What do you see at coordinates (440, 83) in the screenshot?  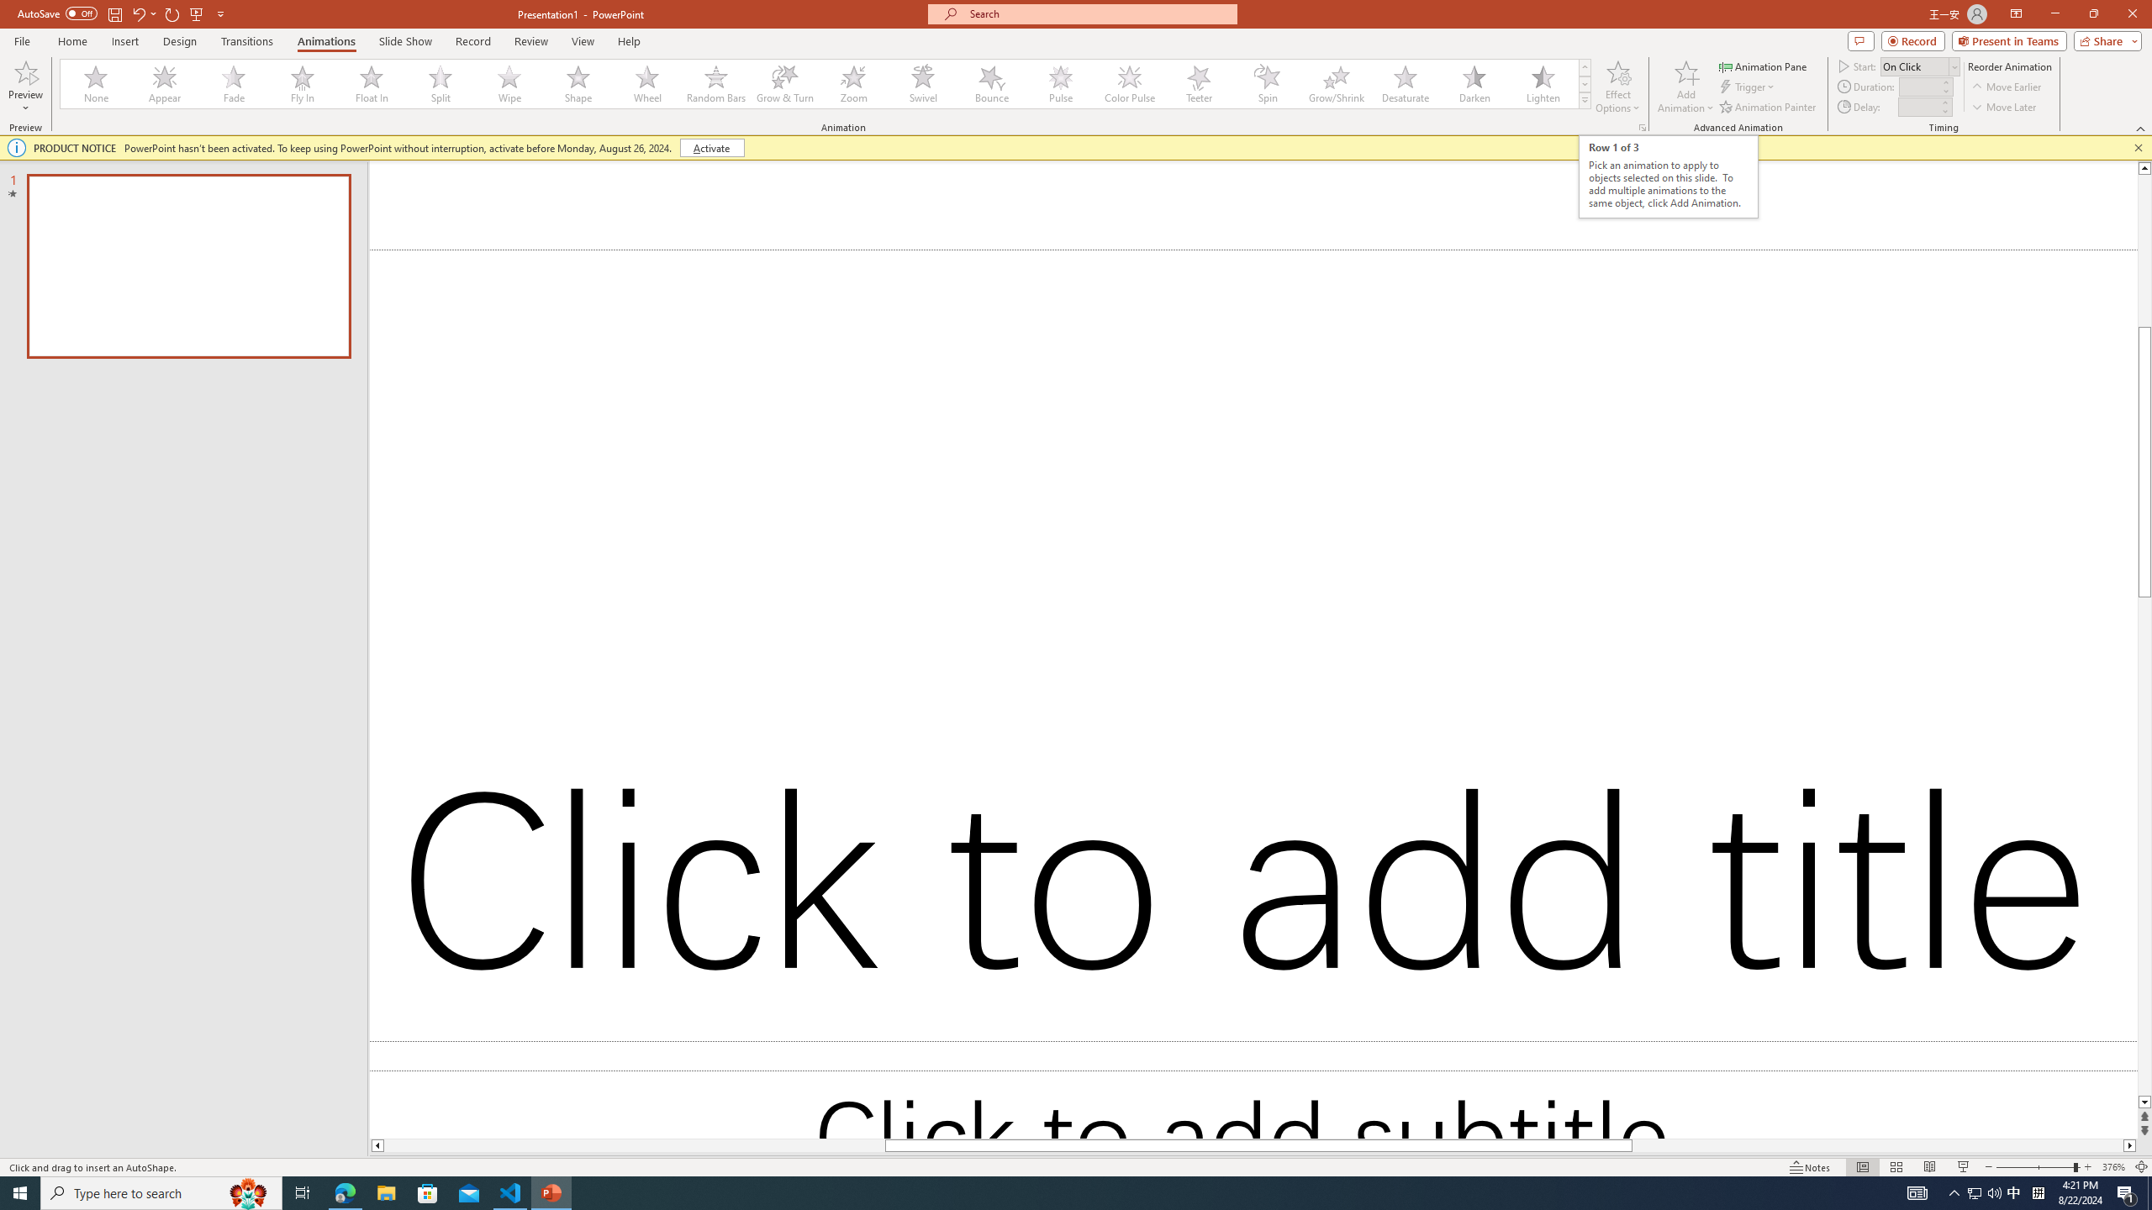 I see `'Split'` at bounding box center [440, 83].